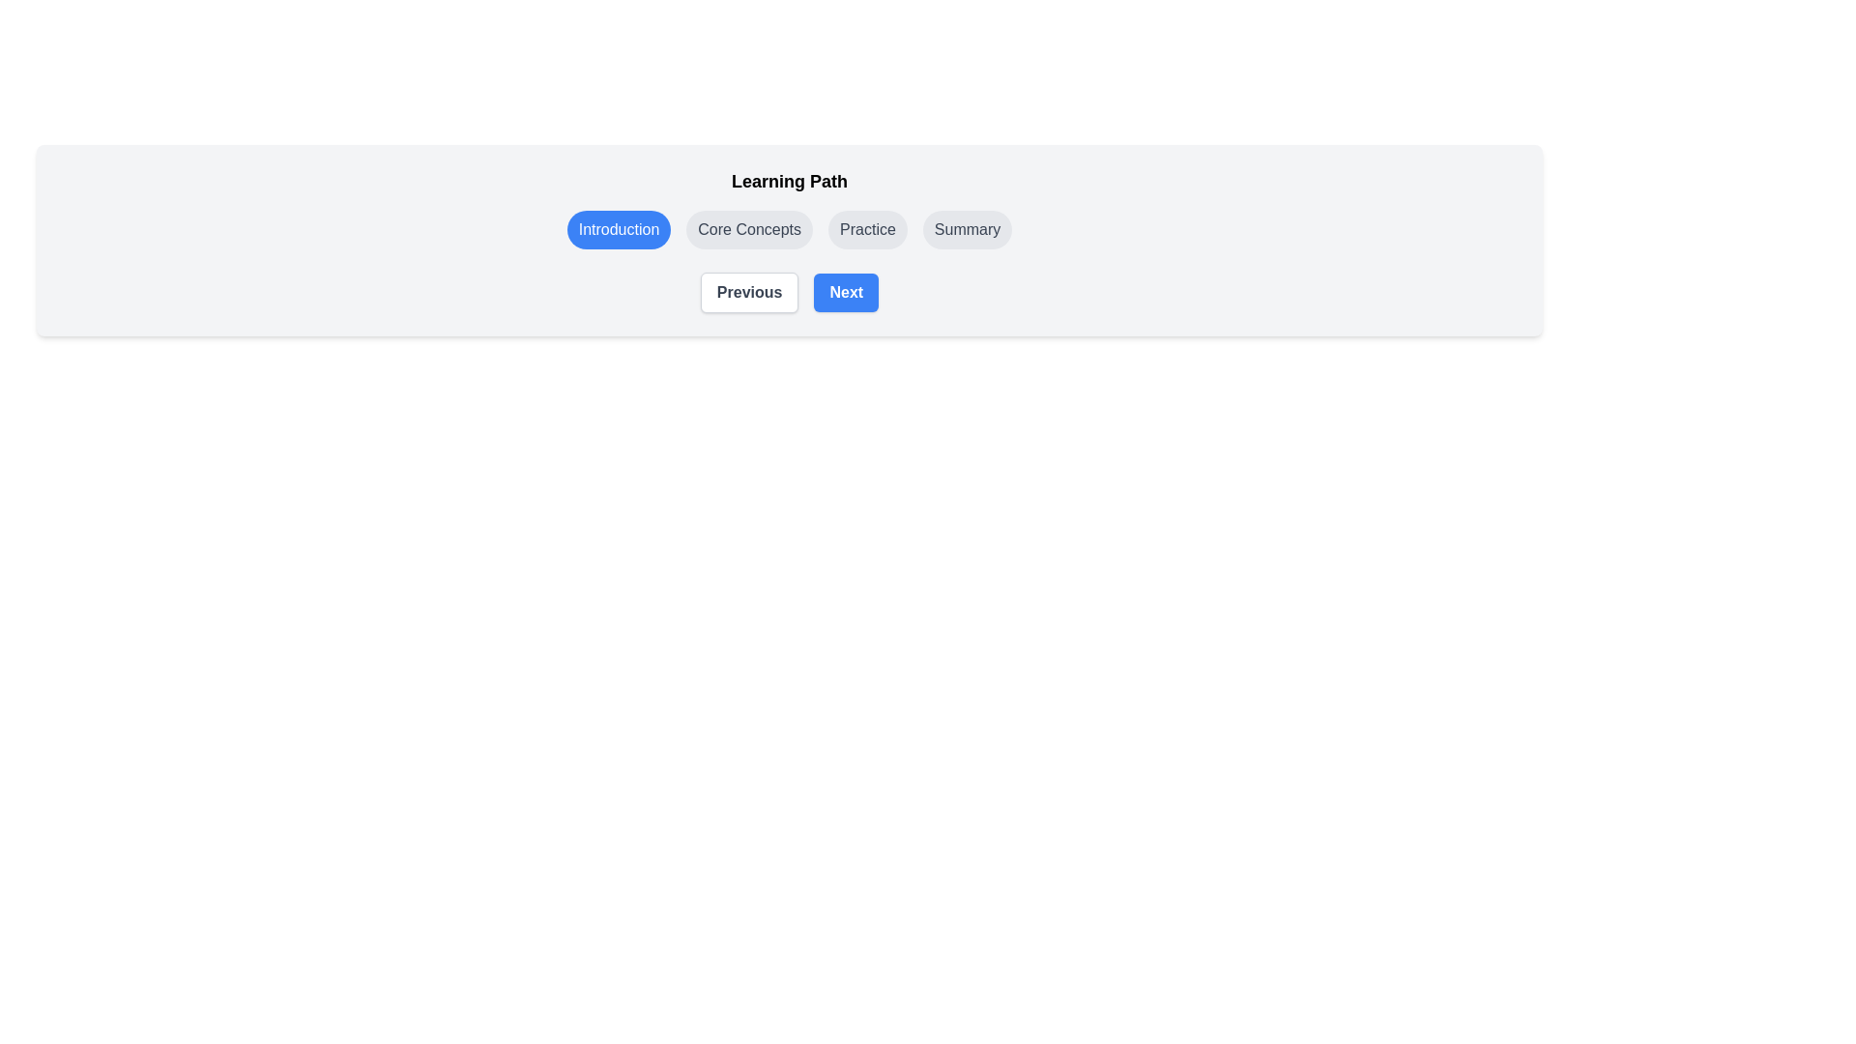 The image size is (1856, 1044). What do you see at coordinates (846, 293) in the screenshot?
I see `the 'Next' button to proceed to the next step in the LearningStepper component` at bounding box center [846, 293].